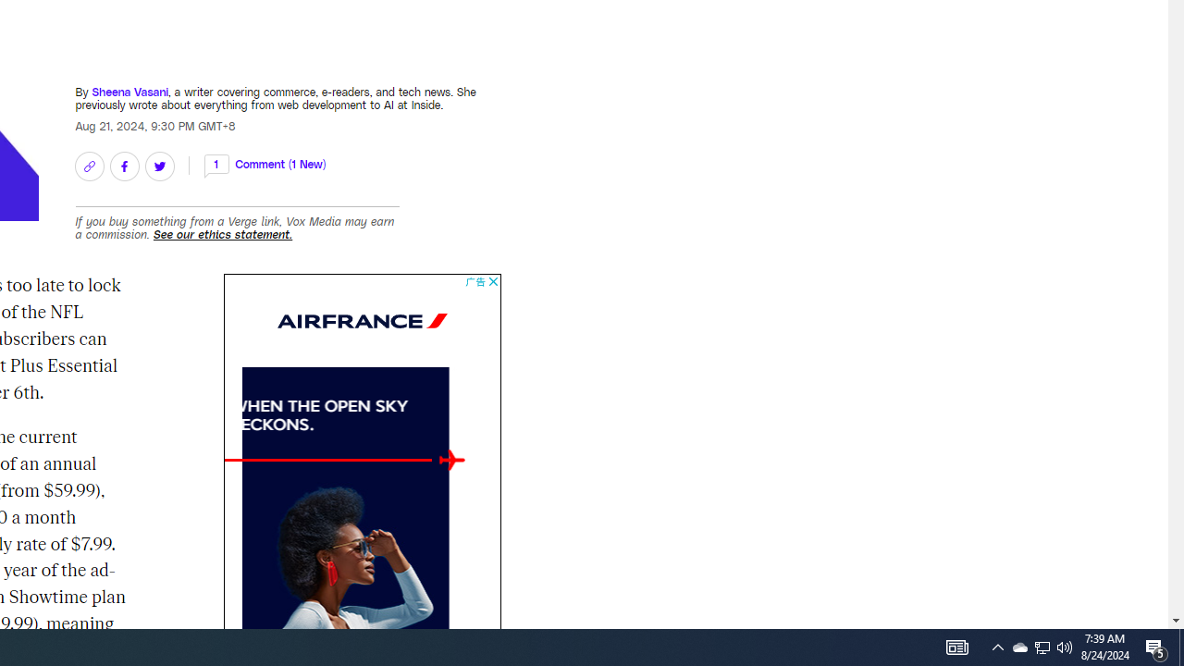  I want to click on 'See our ethics statement.', so click(222, 233).